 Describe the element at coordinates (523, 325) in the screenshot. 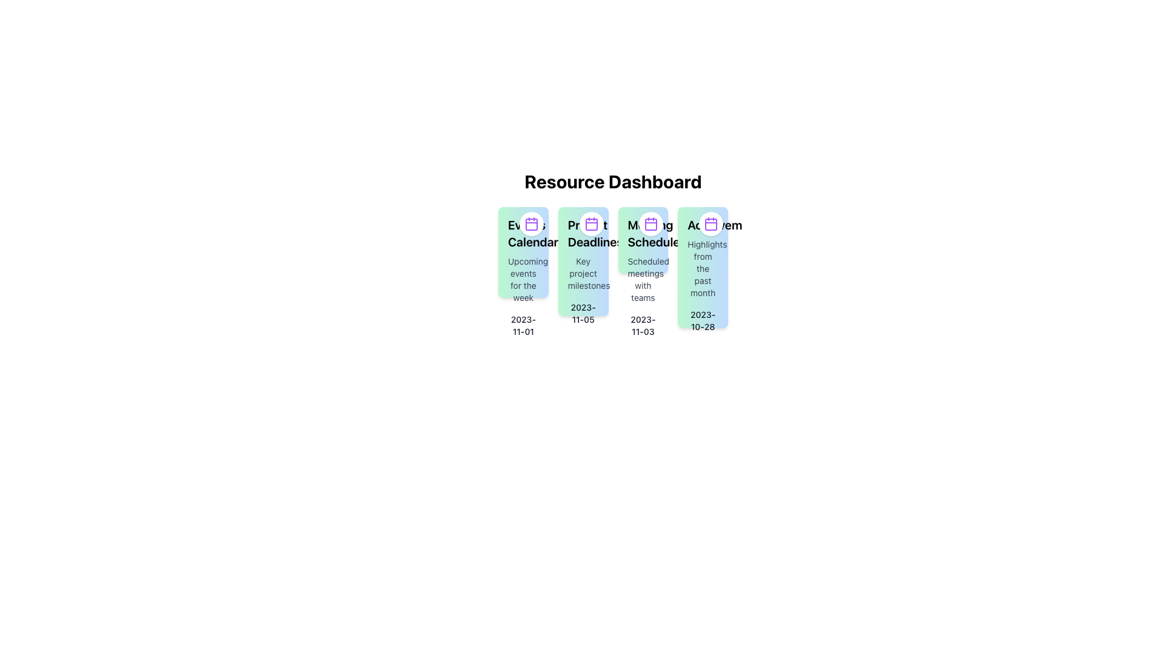

I see `the text displaying the date in the 'Events Calendar' section, which is positioned below the label 'Upcoming events for the week.'` at that location.